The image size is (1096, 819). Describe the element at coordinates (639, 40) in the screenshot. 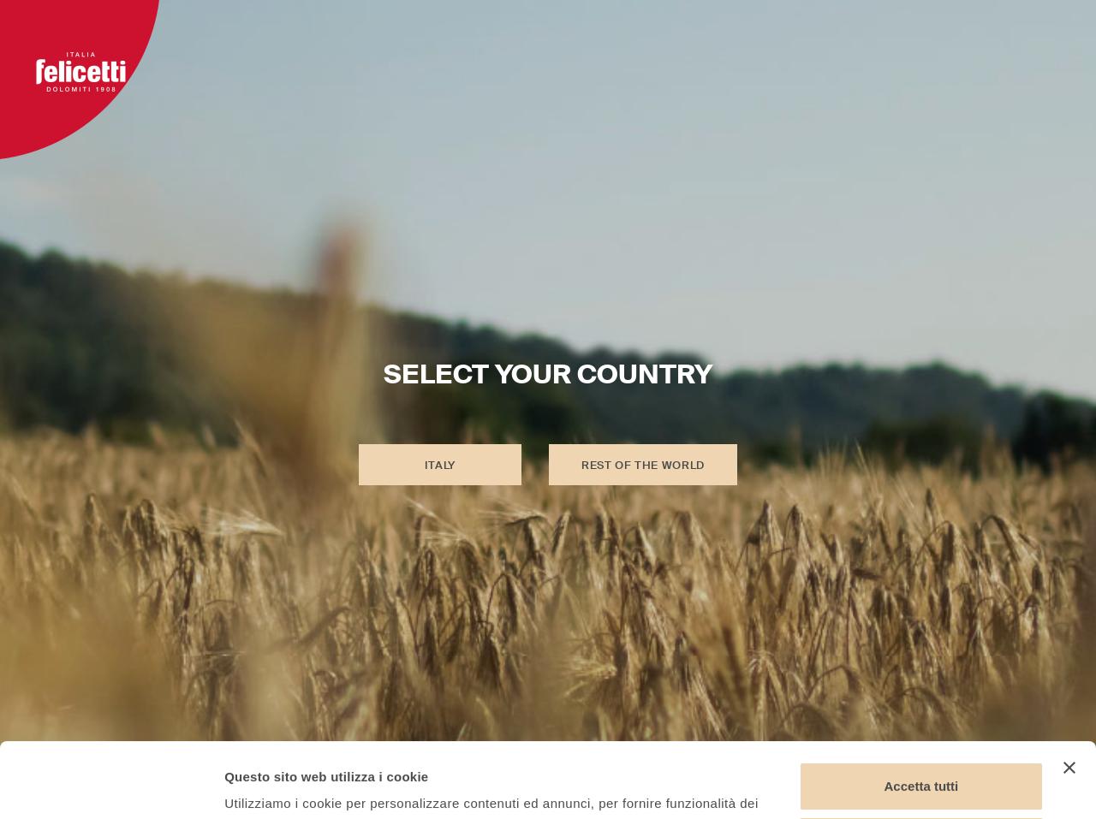

I see `'Activities'` at that location.